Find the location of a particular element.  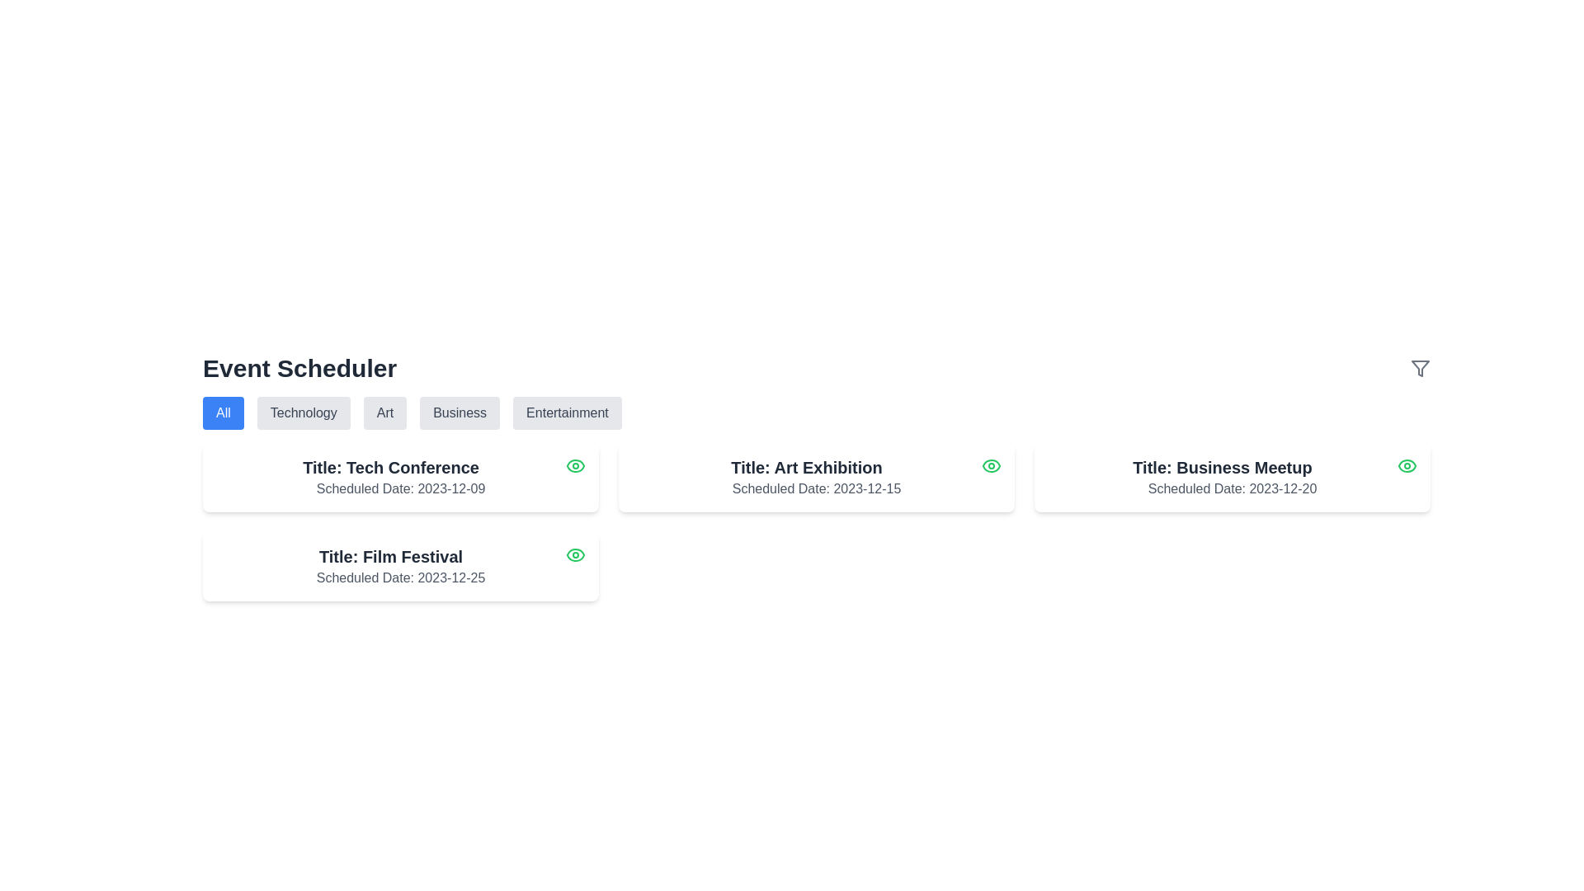

the 'Business' button, which is a rectangular button with rounded corners and dark gray text is located at coordinates (460, 412).